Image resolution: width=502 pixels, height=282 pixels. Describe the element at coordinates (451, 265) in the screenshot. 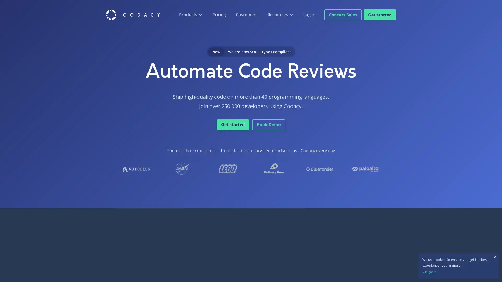

I see `learn more about cookies` at that location.